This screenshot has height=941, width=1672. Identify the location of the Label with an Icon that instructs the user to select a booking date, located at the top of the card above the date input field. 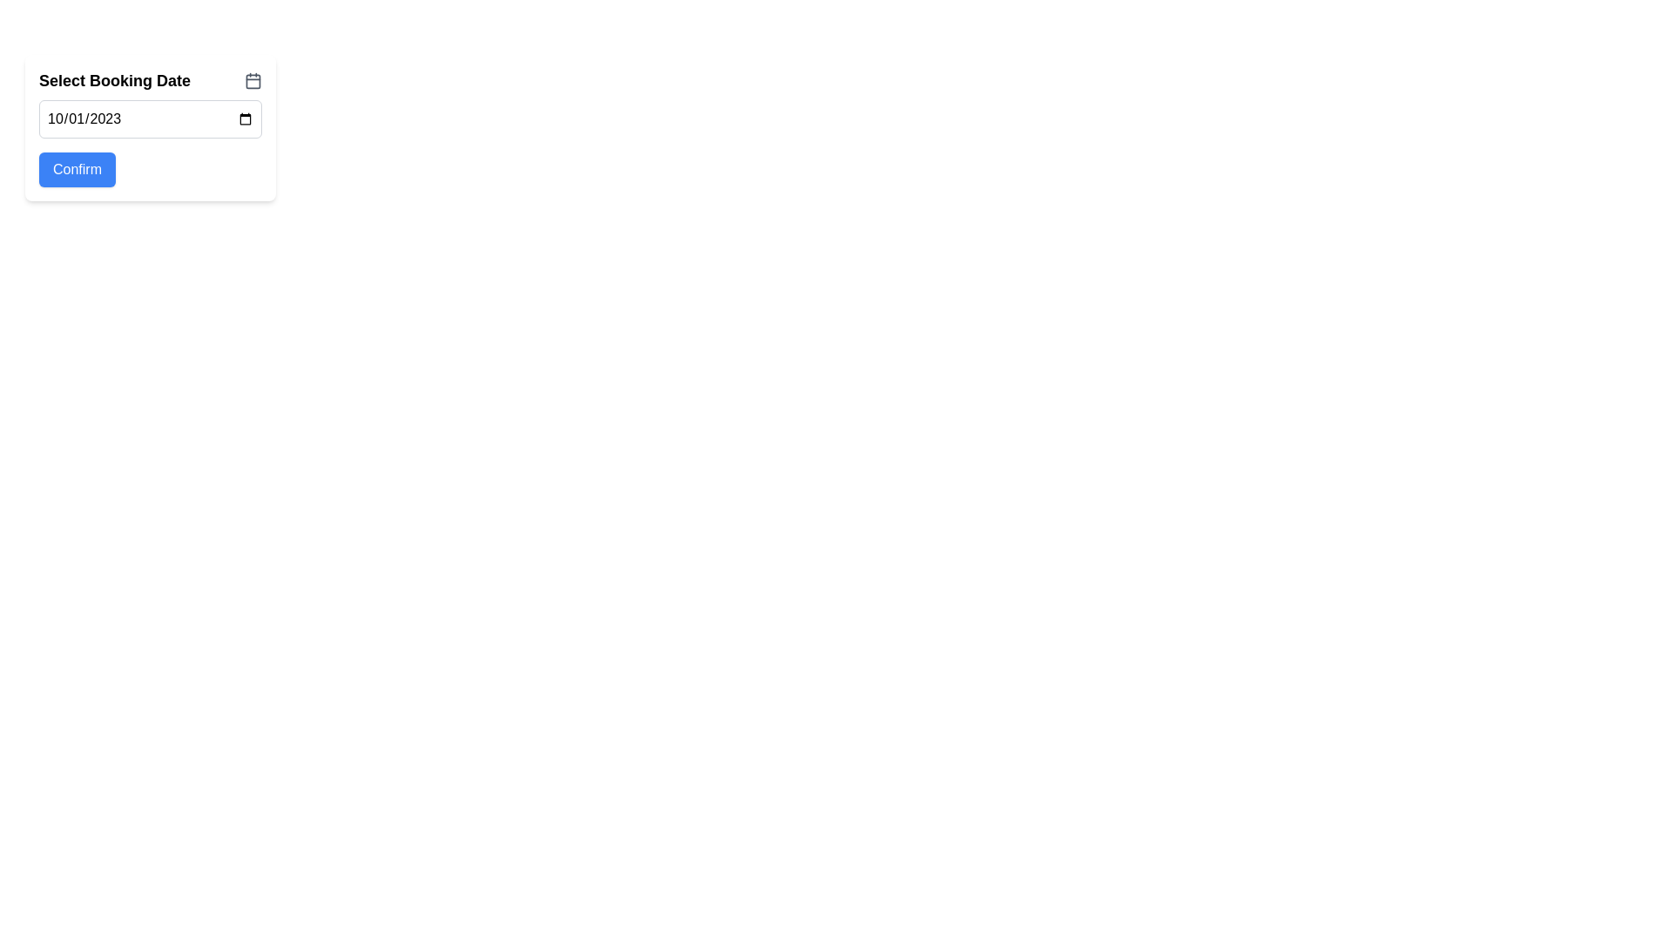
(150, 80).